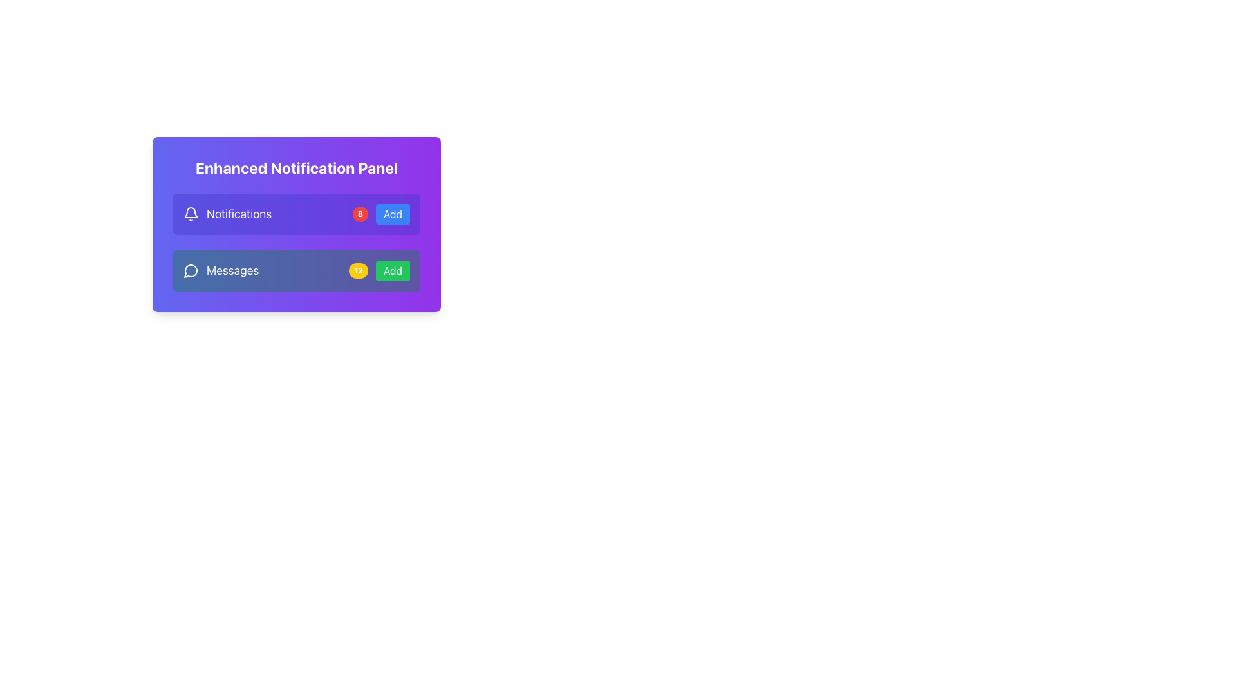  Describe the element at coordinates (358, 270) in the screenshot. I see `the indicator badge displaying the count '12' in the 'Messages' section, located near the center-right of the purple card-like panel, to the left of the green 'Add' button` at that location.